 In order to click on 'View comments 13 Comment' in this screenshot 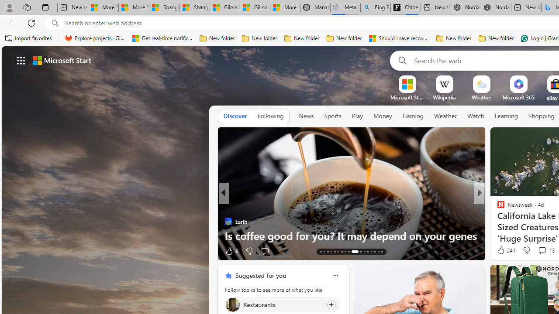, I will do `click(542, 250)`.